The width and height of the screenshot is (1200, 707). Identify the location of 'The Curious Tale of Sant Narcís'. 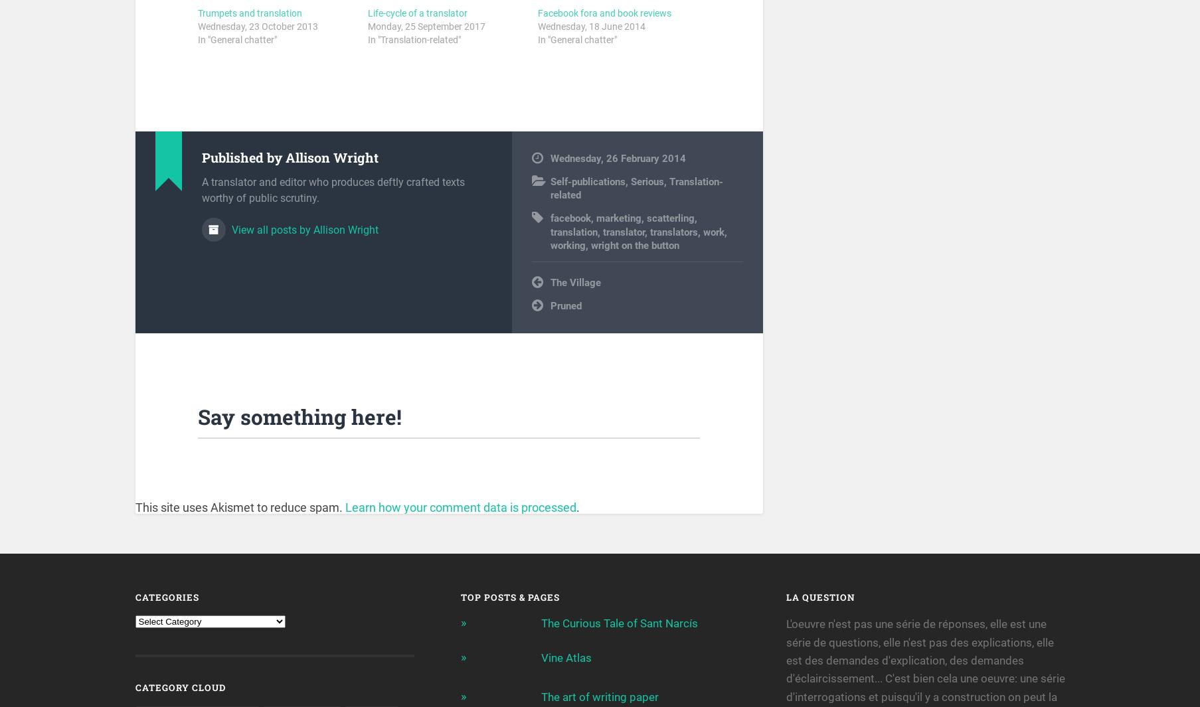
(618, 625).